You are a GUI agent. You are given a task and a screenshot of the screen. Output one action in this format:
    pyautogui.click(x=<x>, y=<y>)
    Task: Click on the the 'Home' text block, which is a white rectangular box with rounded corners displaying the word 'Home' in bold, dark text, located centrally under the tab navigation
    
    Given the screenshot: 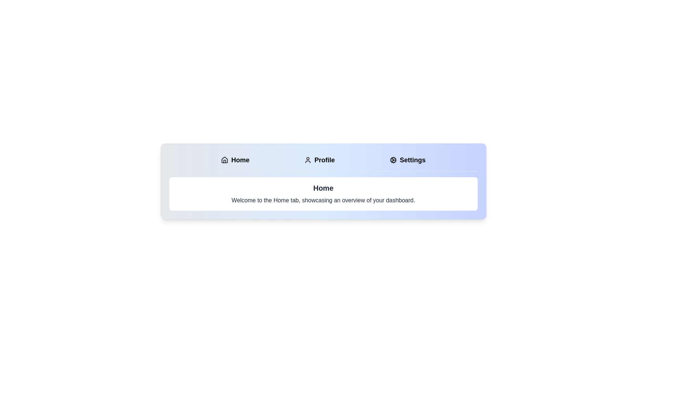 What is the action you would take?
    pyautogui.click(x=323, y=193)
    